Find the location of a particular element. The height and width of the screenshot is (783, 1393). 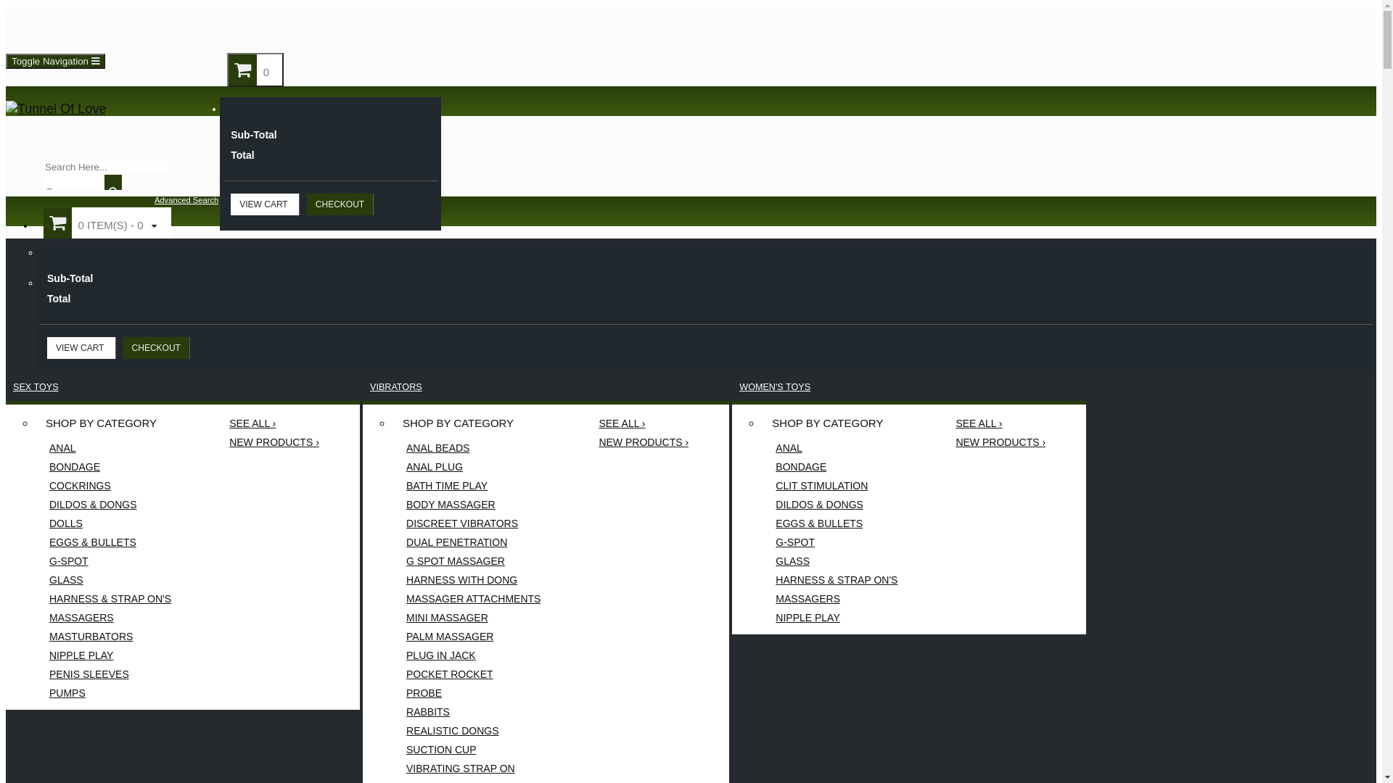

'WOMEN'S TOYS' is located at coordinates (774, 386).